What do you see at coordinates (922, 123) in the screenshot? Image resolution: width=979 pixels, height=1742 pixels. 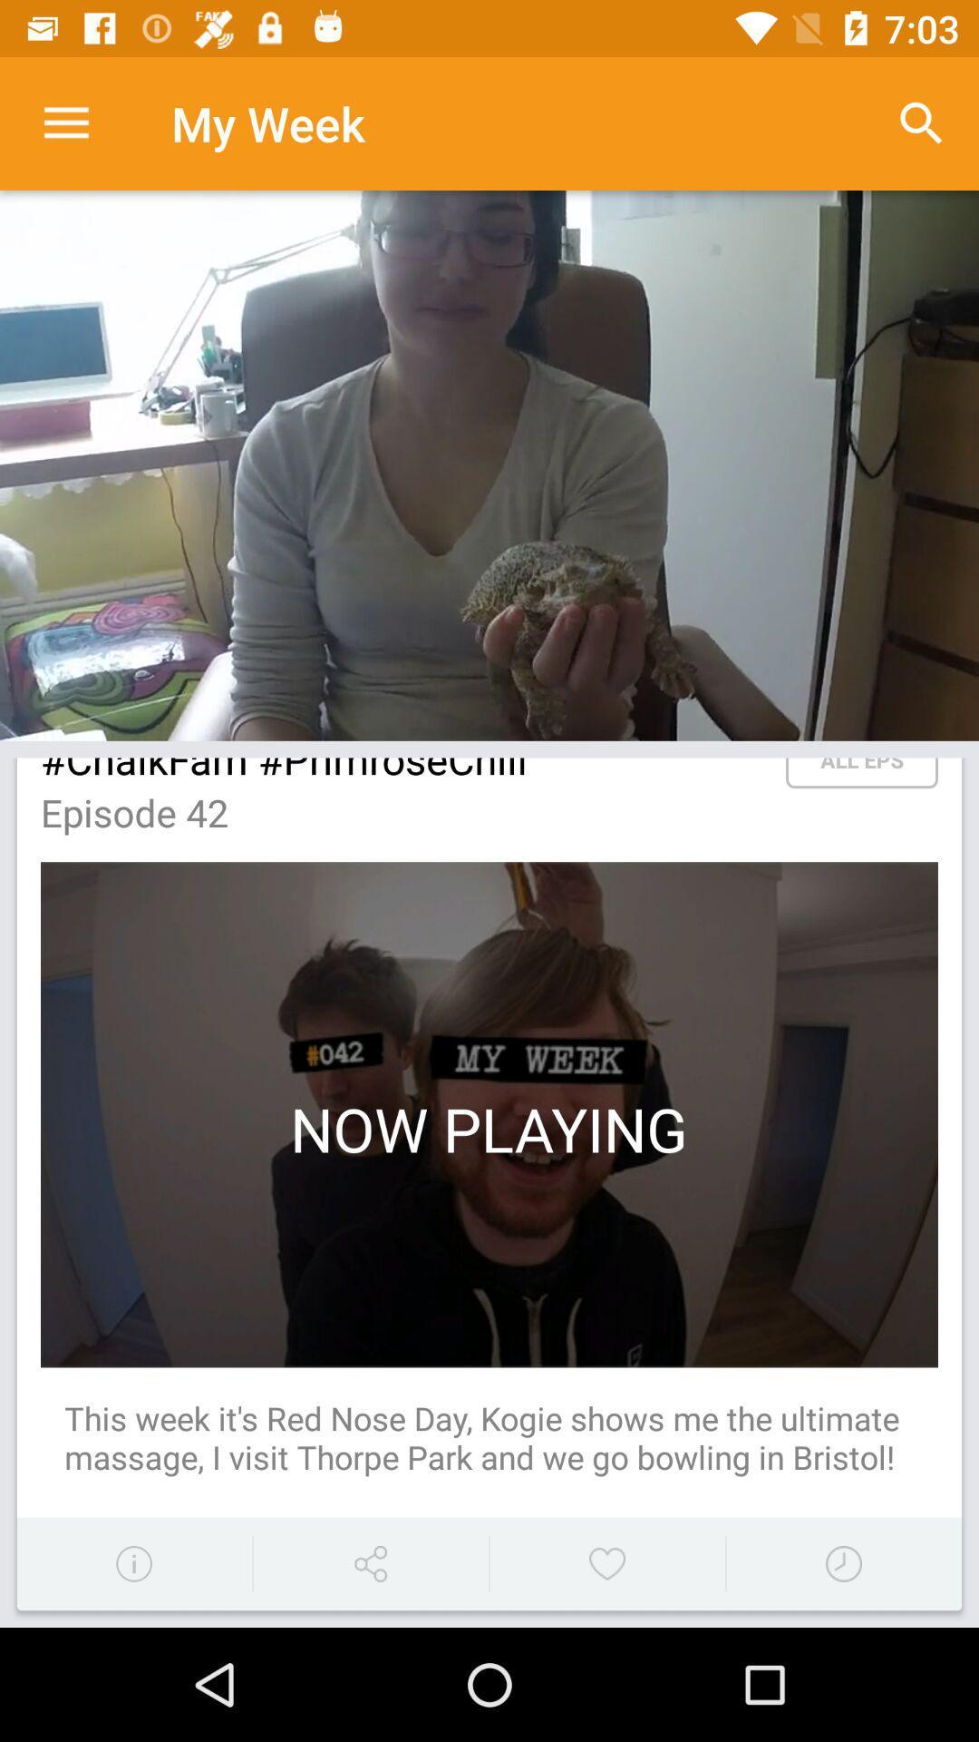 I see `search bar` at bounding box center [922, 123].